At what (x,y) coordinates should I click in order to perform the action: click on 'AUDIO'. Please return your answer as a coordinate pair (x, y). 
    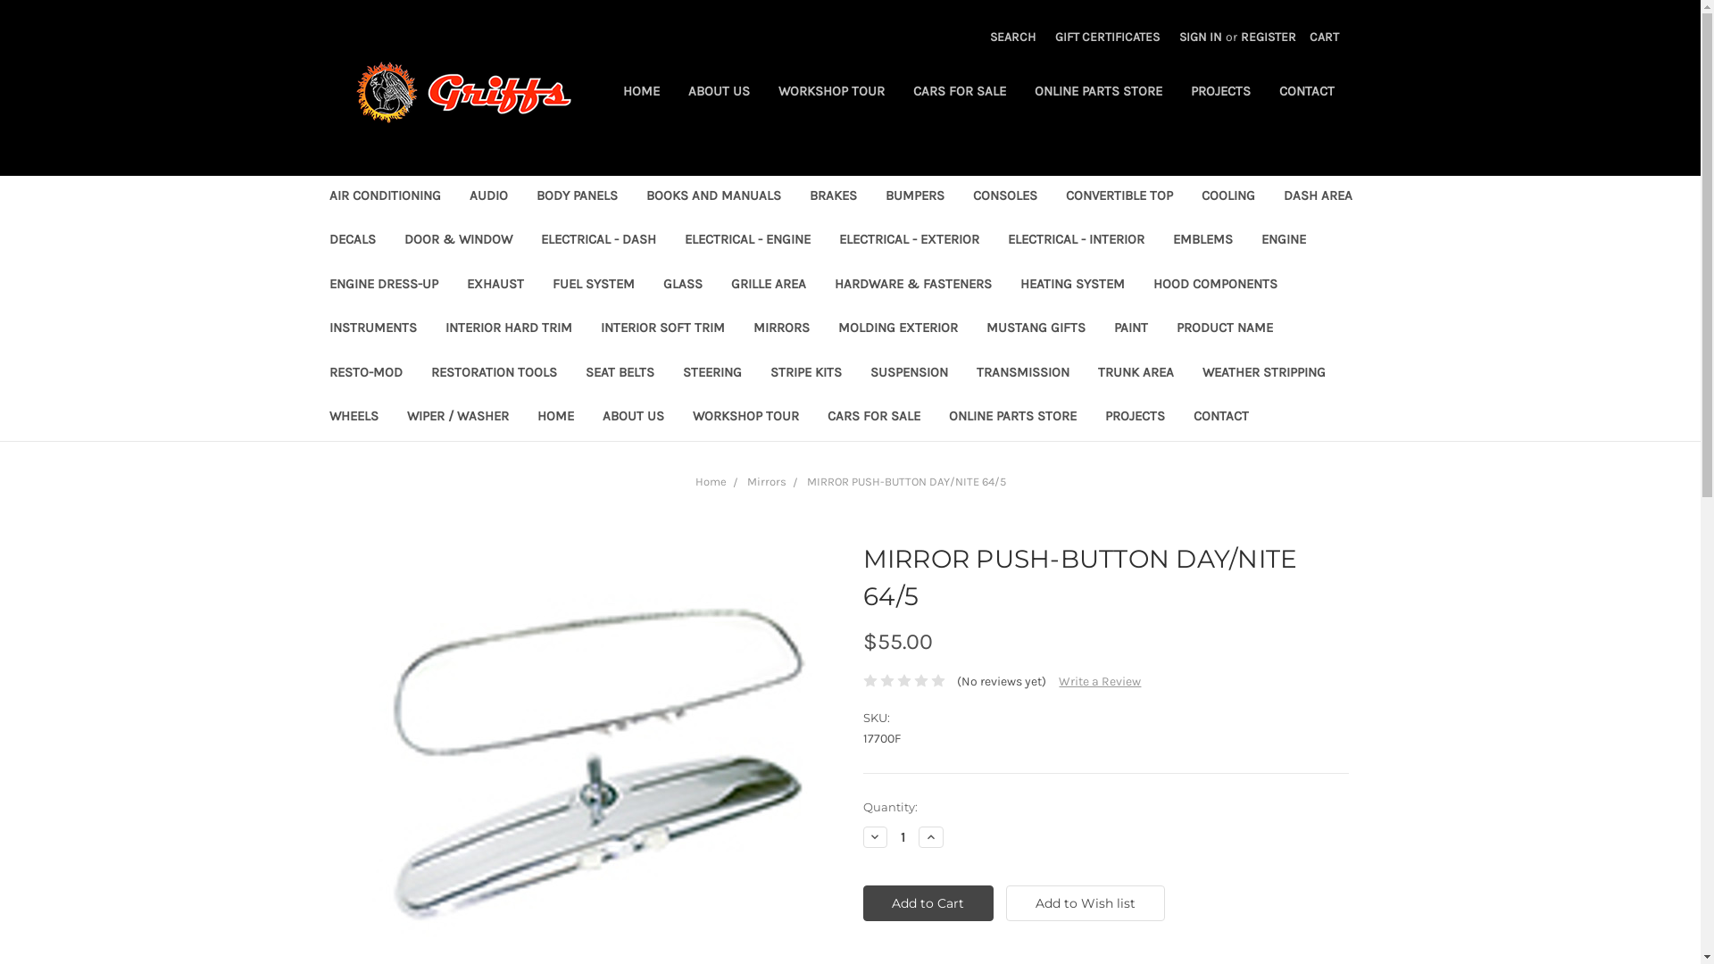
    Looking at the image, I should click on (488, 197).